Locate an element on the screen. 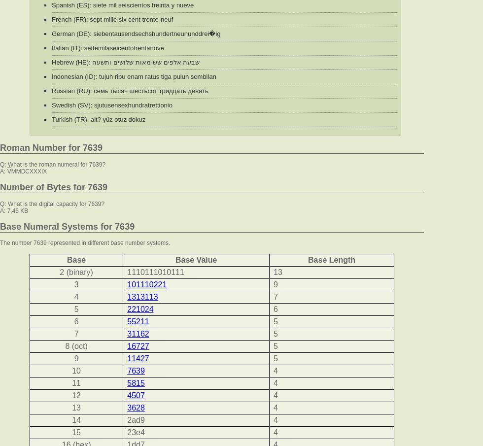 The height and width of the screenshot is (446, 483). 'Base Value' is located at coordinates (196, 259).